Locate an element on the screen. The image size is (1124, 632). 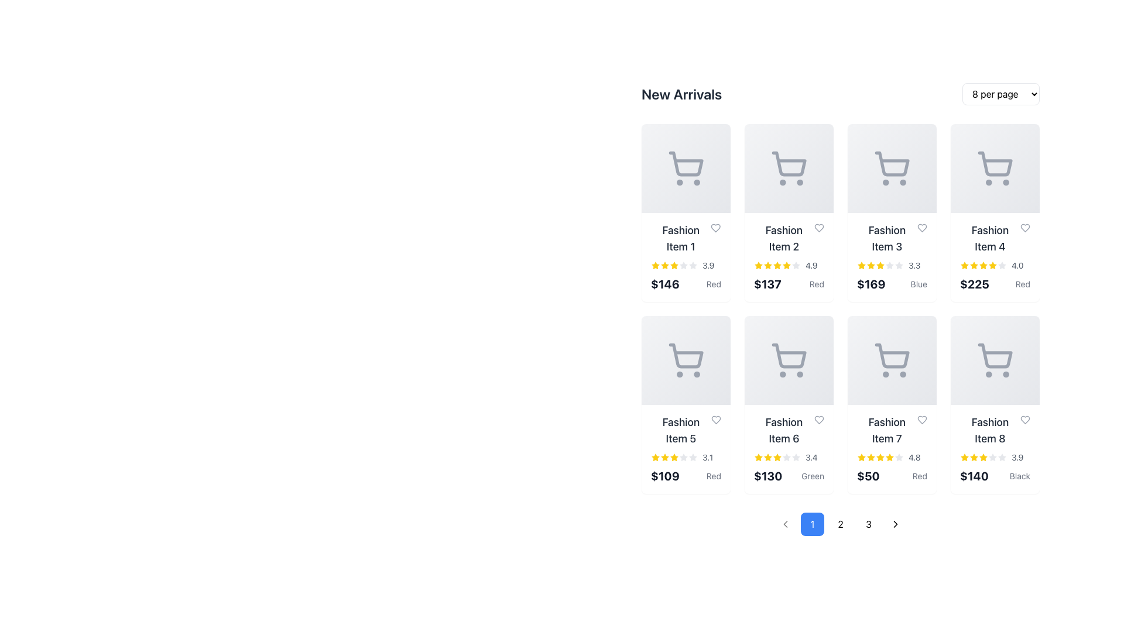
the Information card with a gray shopping cart icon, displaying 'Fashion Item 8', a yellow star rating of 3.9, and a price of $140 is located at coordinates (994, 404).